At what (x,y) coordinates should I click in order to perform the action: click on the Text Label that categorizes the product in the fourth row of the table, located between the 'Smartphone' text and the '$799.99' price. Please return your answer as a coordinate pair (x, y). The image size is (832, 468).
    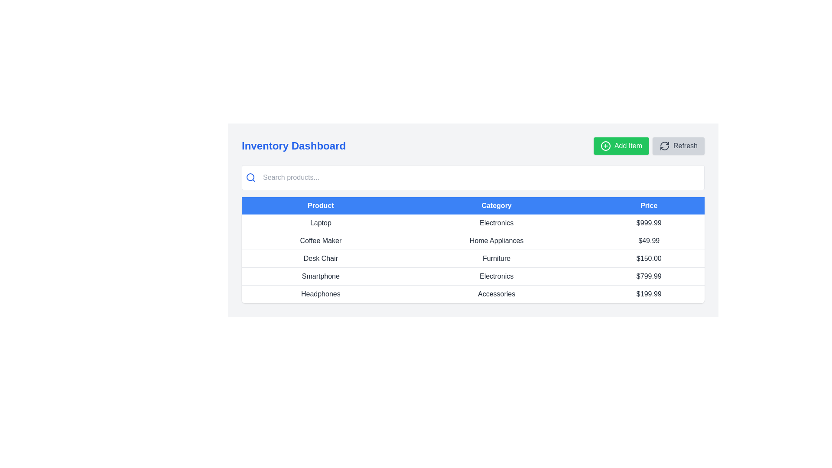
    Looking at the image, I should click on (497, 276).